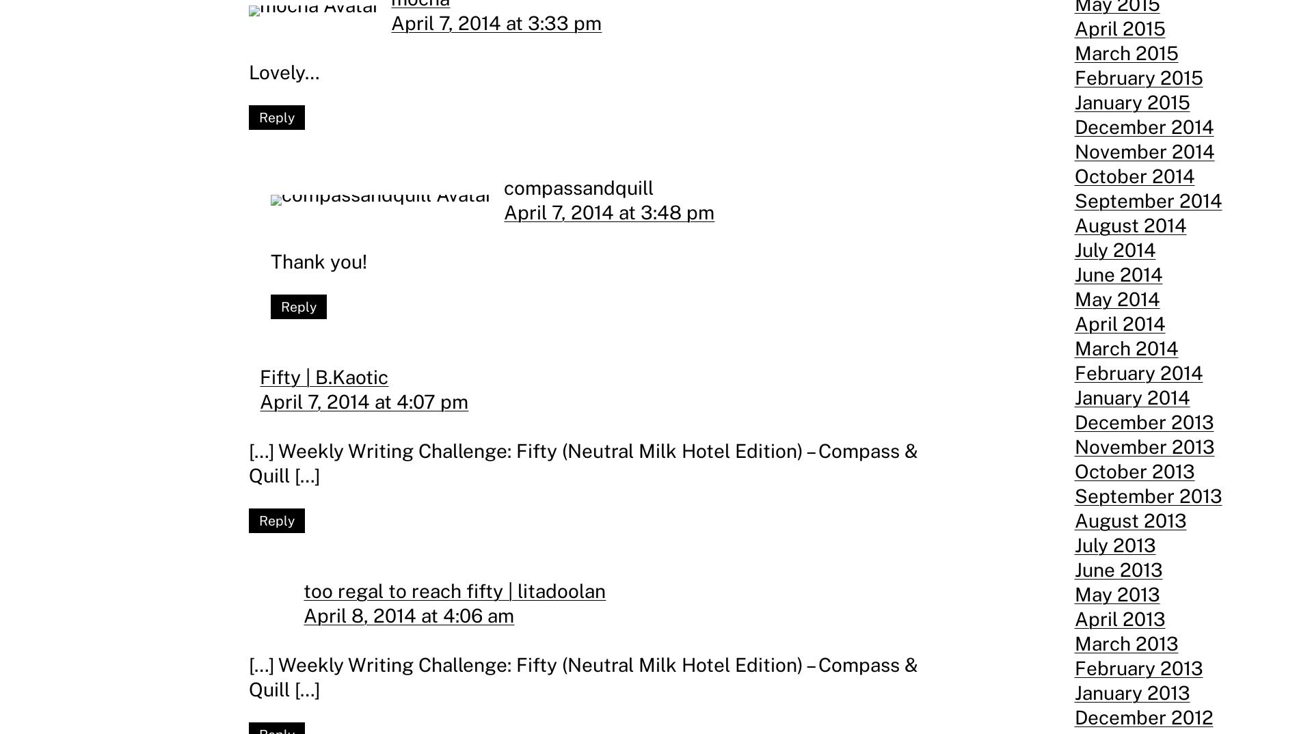 This screenshot has width=1299, height=734. What do you see at coordinates (1118, 569) in the screenshot?
I see `'June 2013'` at bounding box center [1118, 569].